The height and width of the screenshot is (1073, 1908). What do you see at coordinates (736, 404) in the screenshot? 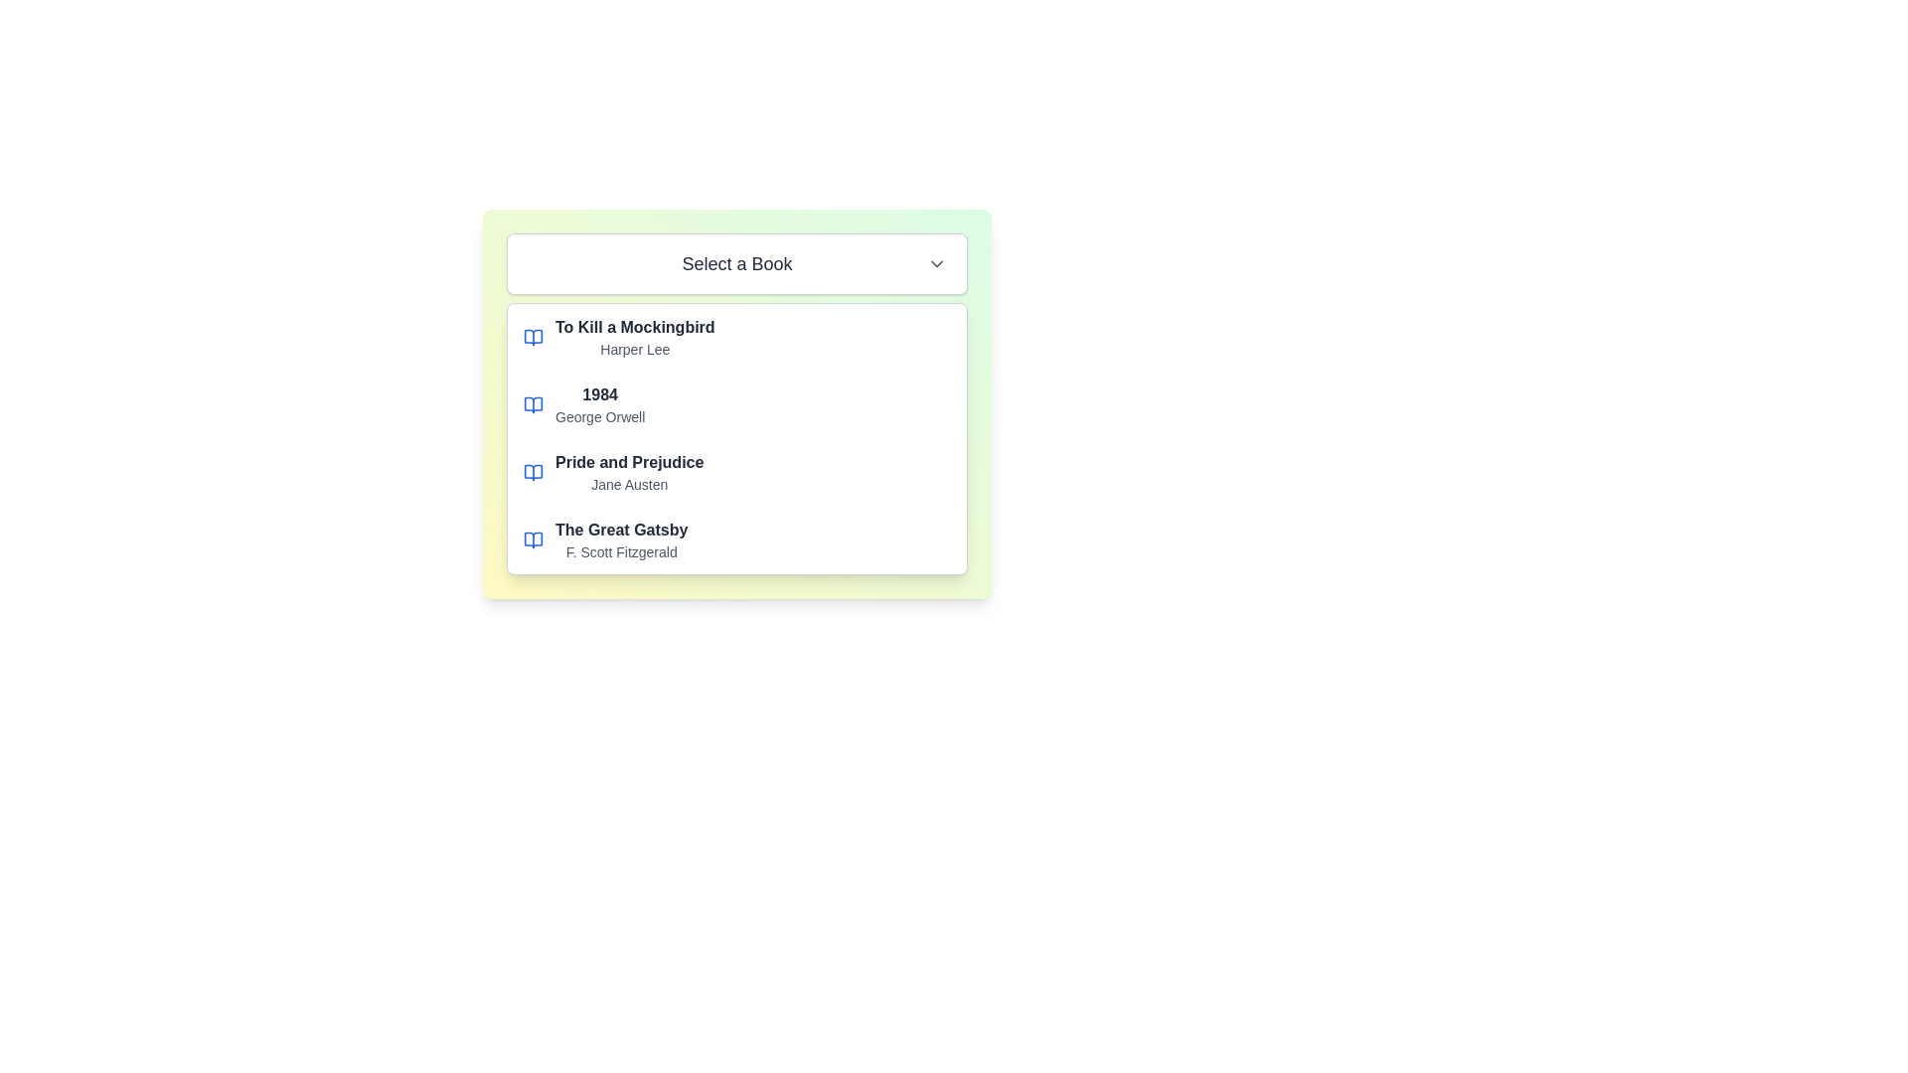
I see `the second list item representing a book, which provides information about the book title and author` at bounding box center [736, 404].